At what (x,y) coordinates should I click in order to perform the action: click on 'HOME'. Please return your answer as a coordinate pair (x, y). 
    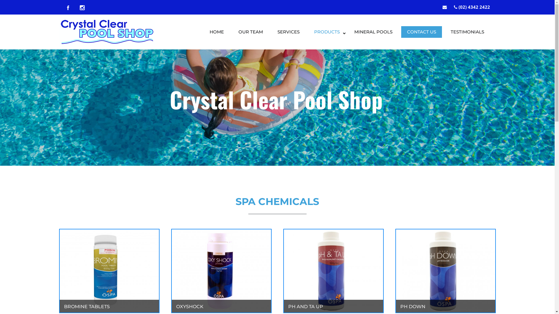
    Looking at the image, I should click on (216, 32).